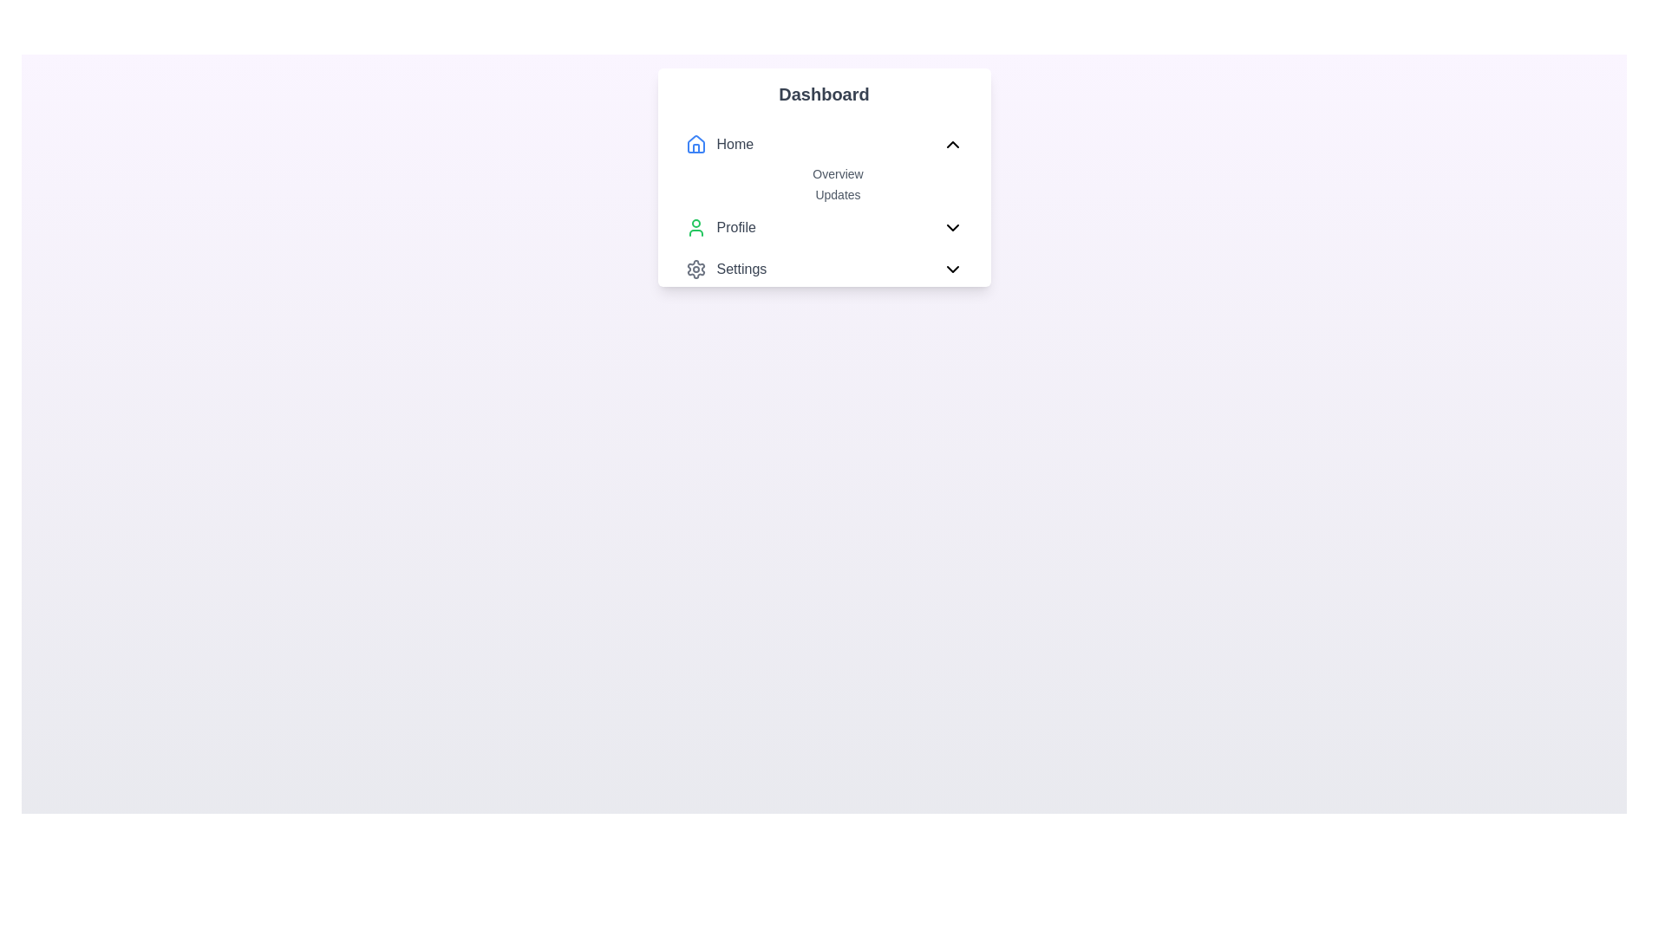 Image resolution: width=1665 pixels, height=936 pixels. What do you see at coordinates (695, 270) in the screenshot?
I see `the cogwheel-shaped icon in the settings section of the dashboard interface` at bounding box center [695, 270].